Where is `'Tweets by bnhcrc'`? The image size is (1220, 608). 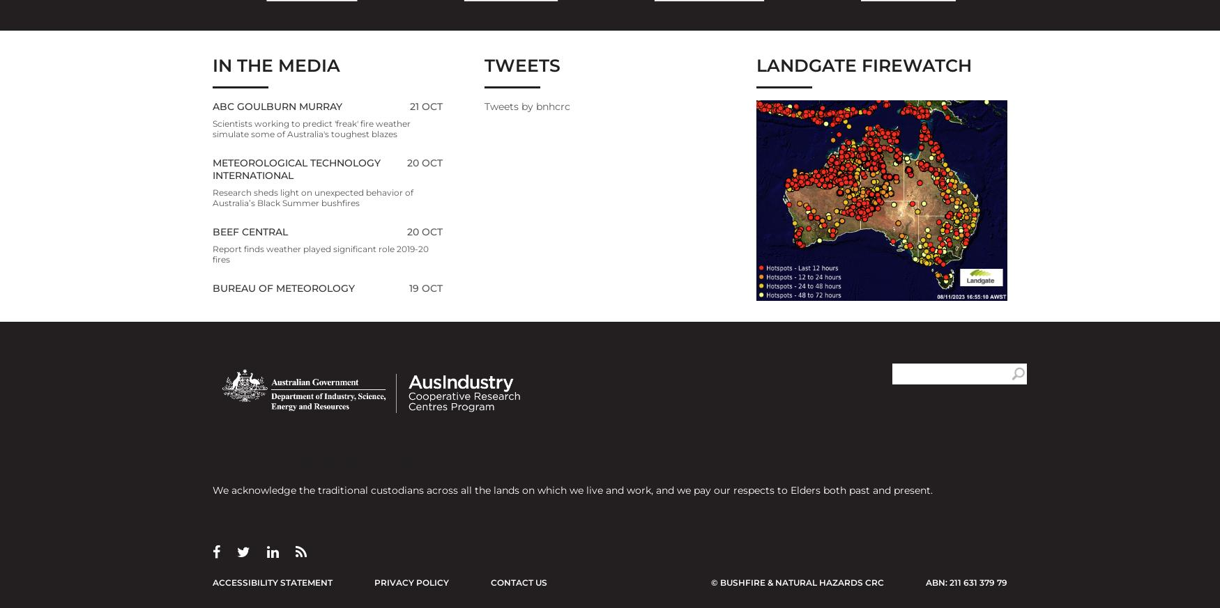
'Tweets by bnhcrc' is located at coordinates (526, 105).